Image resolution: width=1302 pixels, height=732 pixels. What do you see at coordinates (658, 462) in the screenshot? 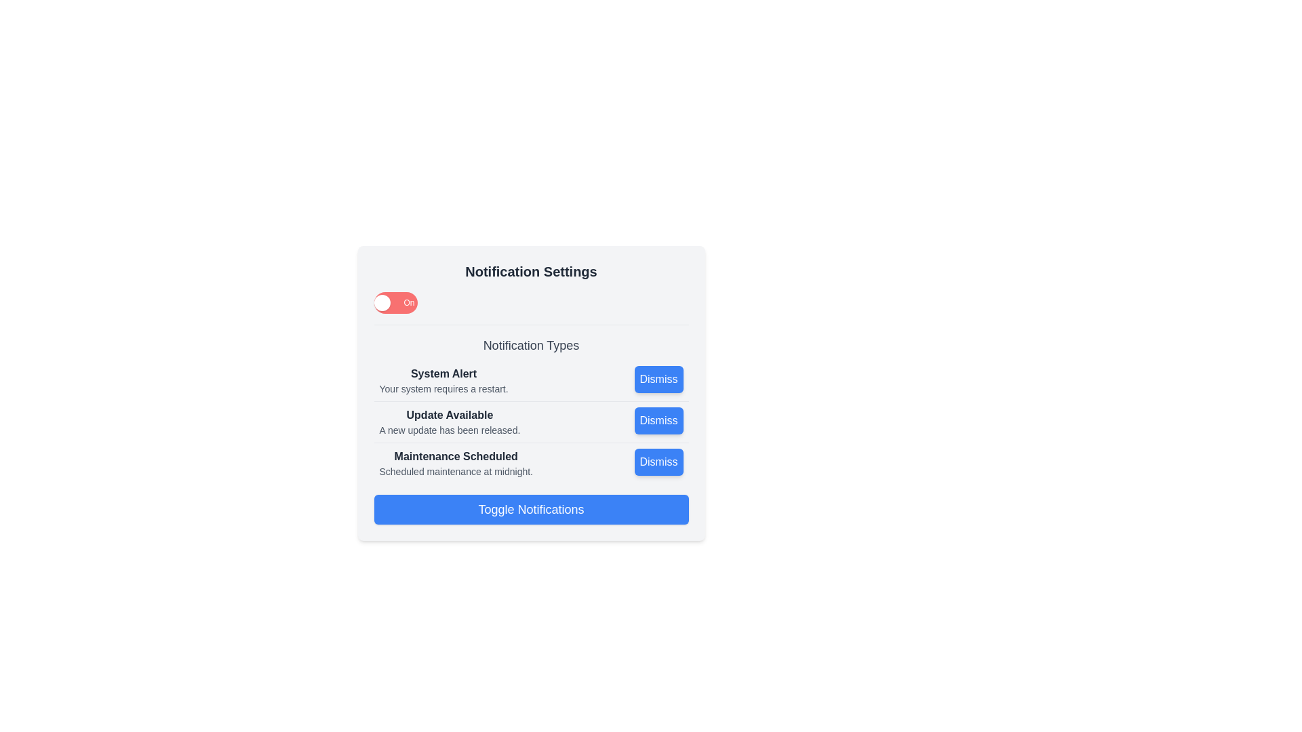
I see `the 'Dismiss' button, which is a rectangular button with white text on a blue background, located in the 'Maintenance Scheduled' notification section` at bounding box center [658, 462].